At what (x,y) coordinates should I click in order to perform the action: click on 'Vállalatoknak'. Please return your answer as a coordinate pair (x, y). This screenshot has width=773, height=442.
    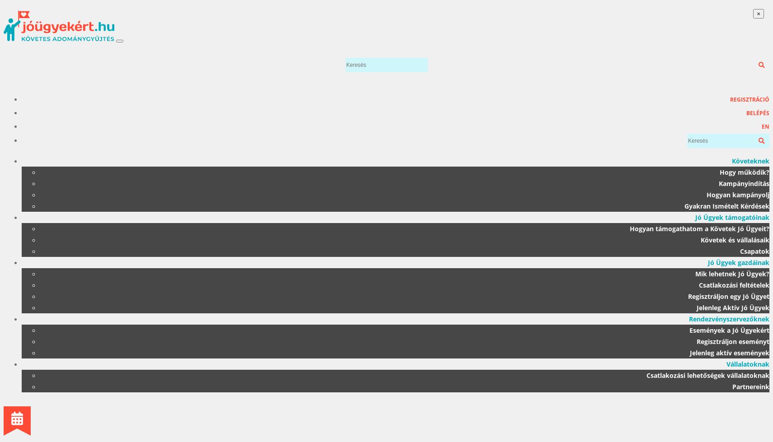
    Looking at the image, I should click on (748, 363).